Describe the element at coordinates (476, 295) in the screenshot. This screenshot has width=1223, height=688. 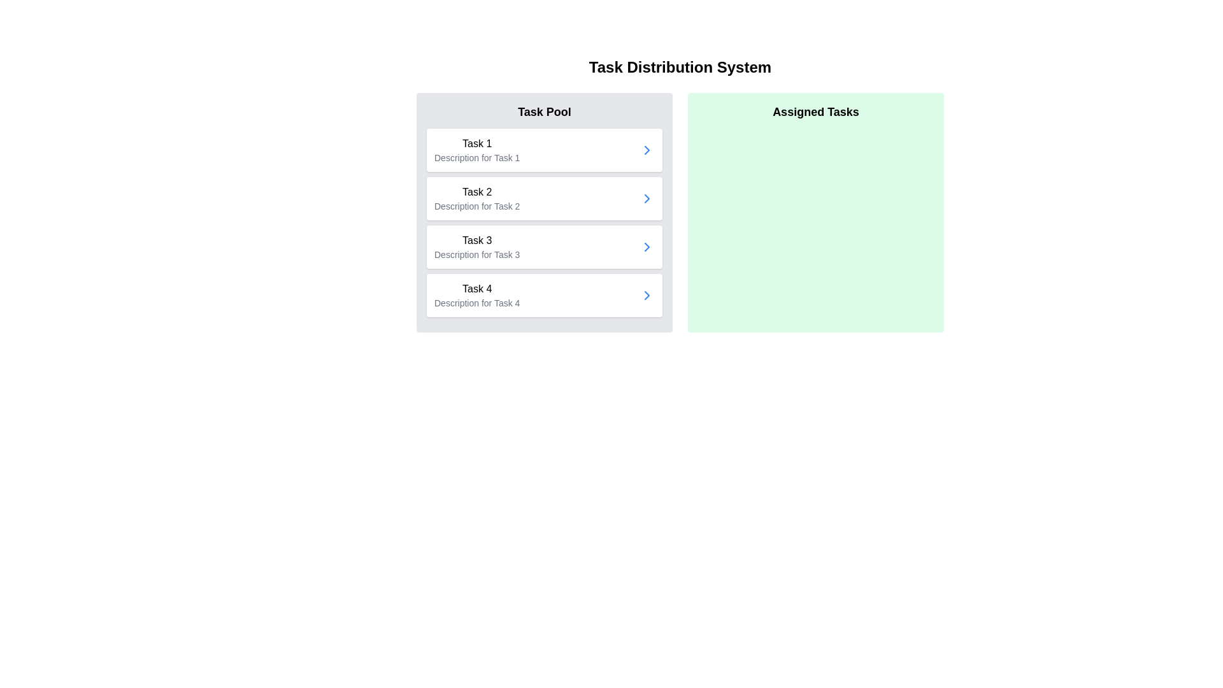
I see `the text component displaying 'Task 4' and 'Description for Task 4' in the 'Task Pool' section, which is the fourth item in the vertical stack of task entries` at that location.